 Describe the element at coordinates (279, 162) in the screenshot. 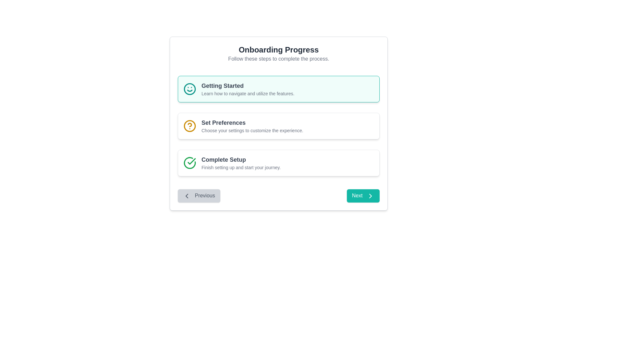

I see `the 'Complete Setup' card in the 'Onboarding Progress' section to proceed with the onboarding process` at that location.